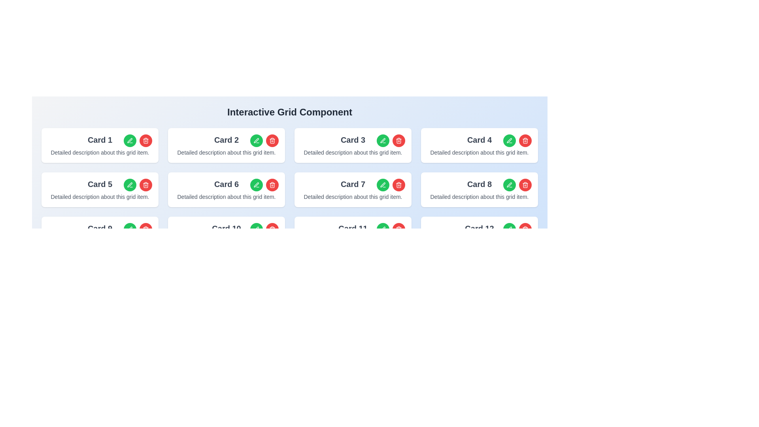  What do you see at coordinates (256, 185) in the screenshot?
I see `the edit button located in the top-right corner of 'Card 6'` at bounding box center [256, 185].